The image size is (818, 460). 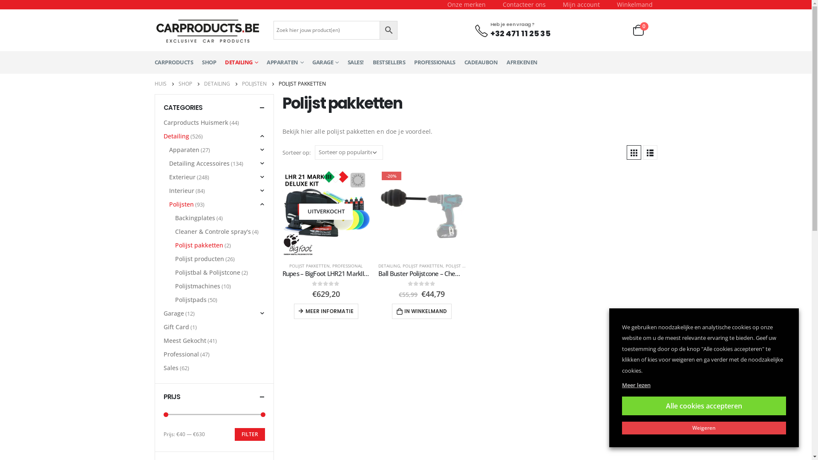 I want to click on 'Professional', so click(x=181, y=354).